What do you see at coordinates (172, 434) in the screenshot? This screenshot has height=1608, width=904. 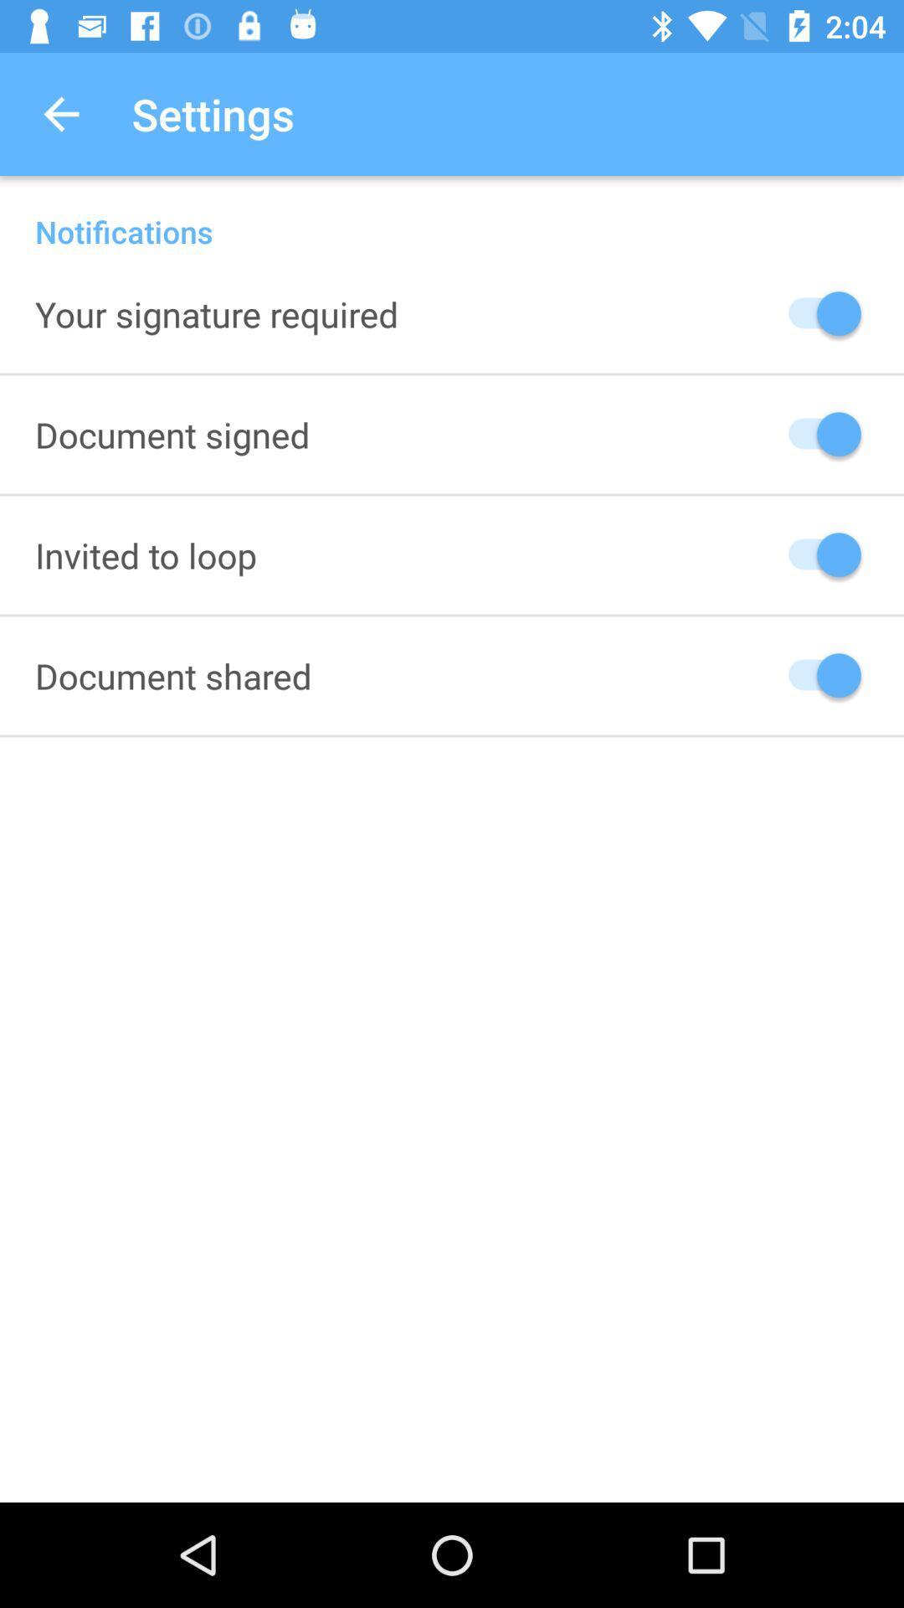 I see `the document signed item` at bounding box center [172, 434].